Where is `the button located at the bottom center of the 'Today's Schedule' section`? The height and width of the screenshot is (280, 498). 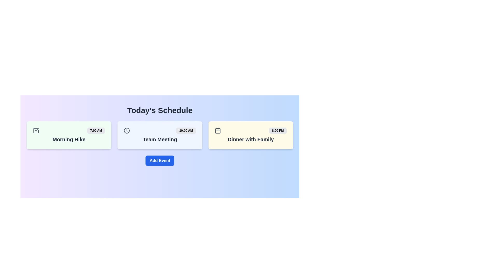 the button located at the bottom center of the 'Today's Schedule' section is located at coordinates (160, 160).